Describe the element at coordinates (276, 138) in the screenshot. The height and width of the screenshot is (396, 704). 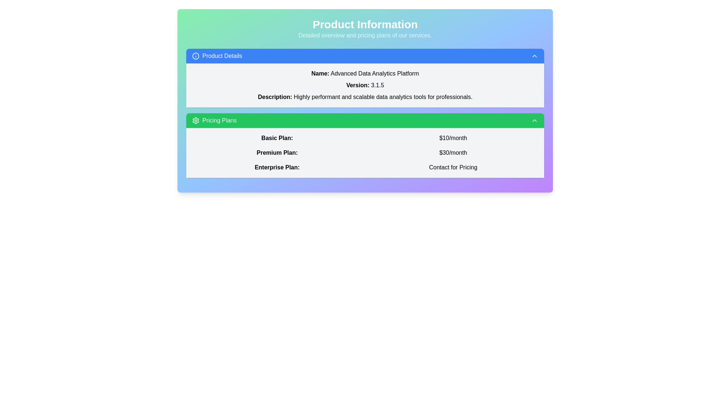
I see `the 'Basic Plan' text label located in the 'Pricing Plans' section` at that location.